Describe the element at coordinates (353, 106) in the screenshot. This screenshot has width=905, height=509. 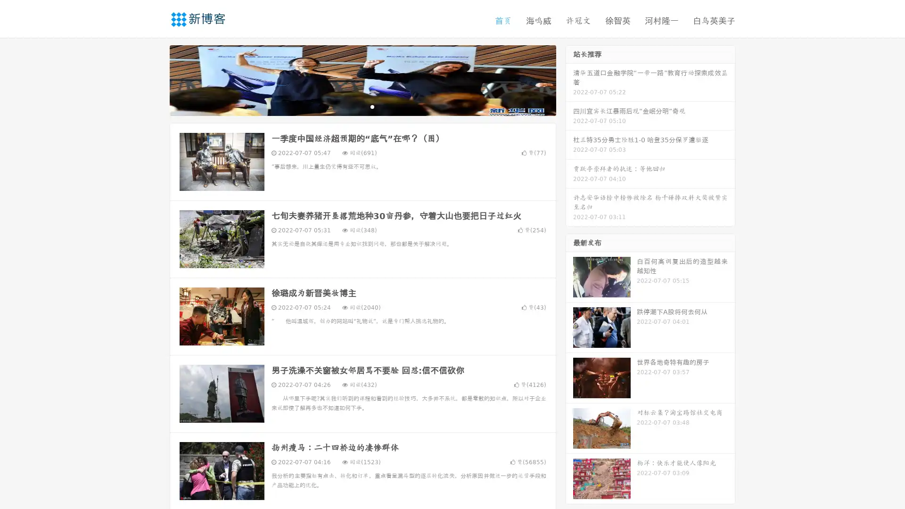
I see `Go to slide 1` at that location.